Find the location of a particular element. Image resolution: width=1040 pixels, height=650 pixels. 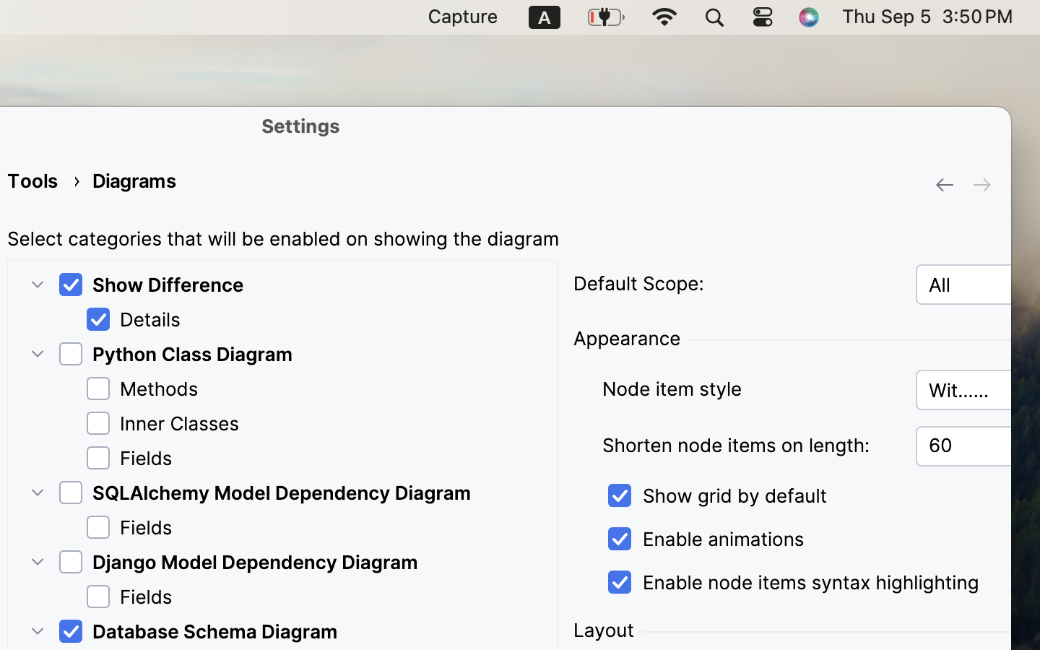

'Shorten node items on length:' is located at coordinates (749, 446).